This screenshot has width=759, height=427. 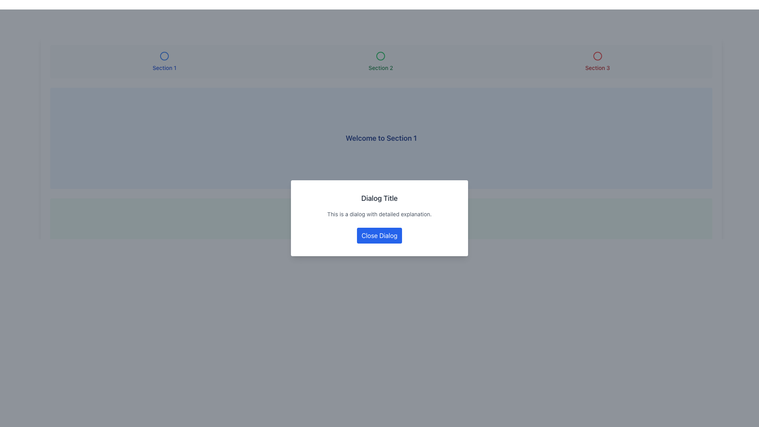 What do you see at coordinates (597, 56) in the screenshot?
I see `the SVG circle element located in the top-right section of the interface, which serves as a status indicator for 'Section 3'` at bounding box center [597, 56].